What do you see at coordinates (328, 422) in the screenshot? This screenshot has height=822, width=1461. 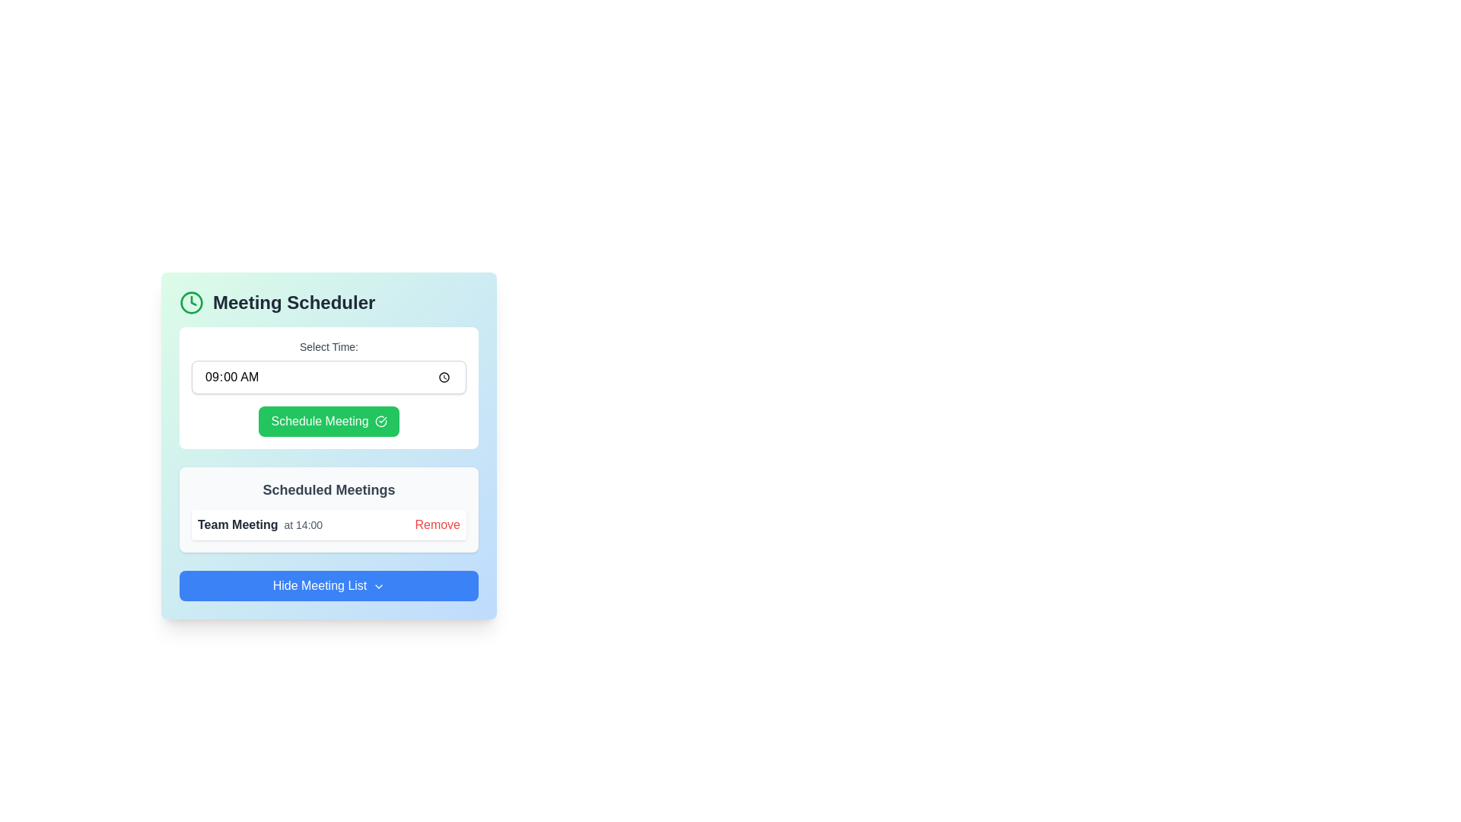 I see `the button used to schedule a meeting, which is located immediately below the 'Select Time:' label and the time input field` at bounding box center [328, 422].